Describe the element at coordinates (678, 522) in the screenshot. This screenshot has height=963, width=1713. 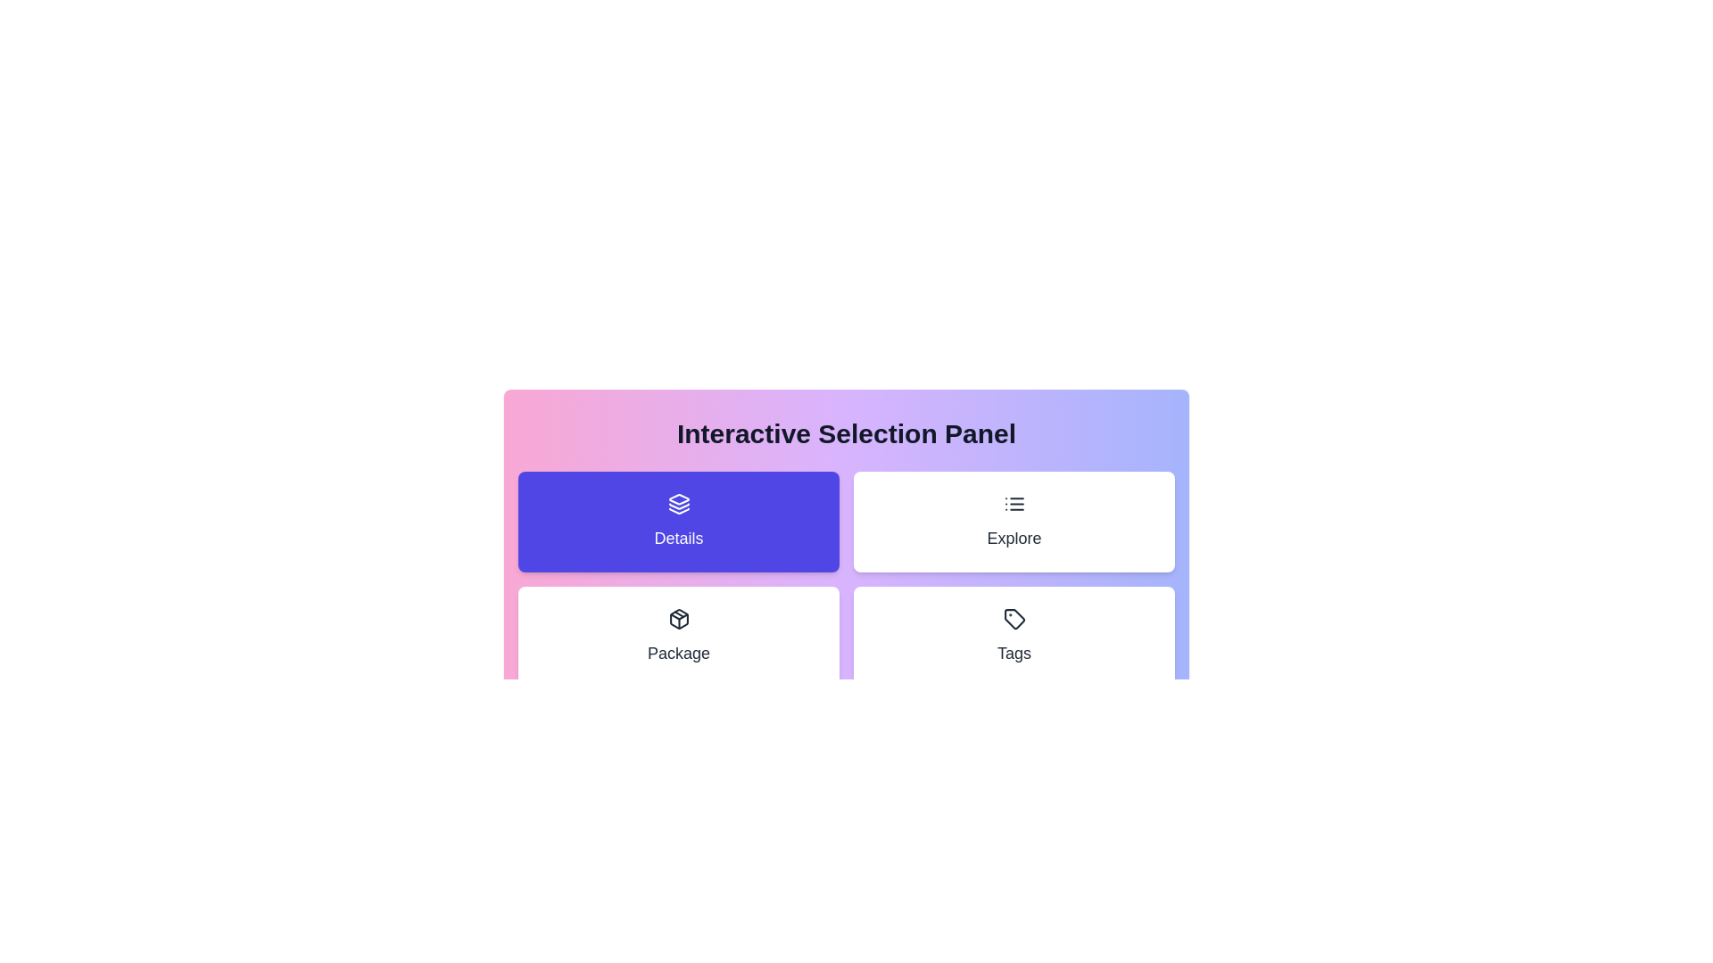
I see `the 'Details' button, which is a rectangular button with a blue background and white text` at that location.